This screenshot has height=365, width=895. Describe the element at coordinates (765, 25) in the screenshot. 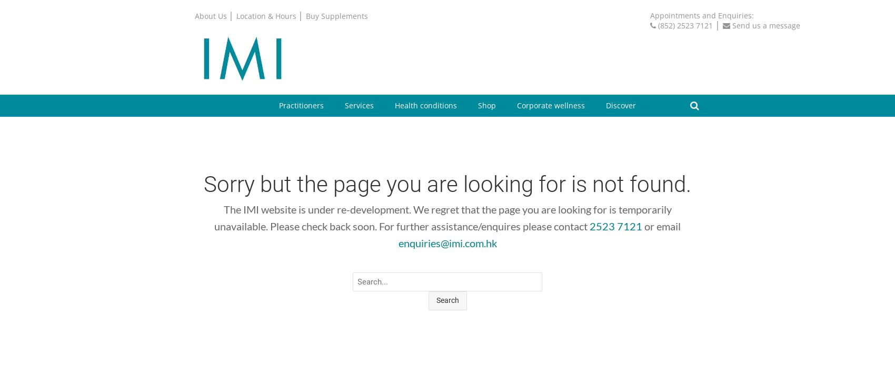

I see `'Send us a message'` at that location.